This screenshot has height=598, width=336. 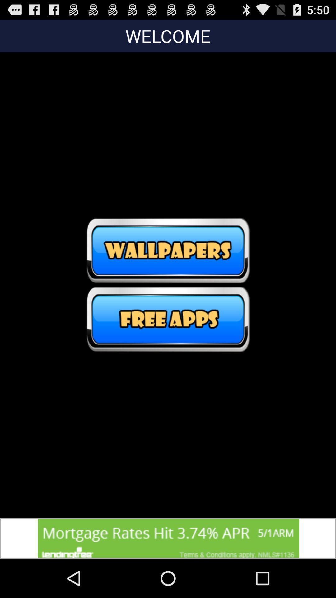 What do you see at coordinates (168, 250) in the screenshot?
I see `wallpapers switch option` at bounding box center [168, 250].